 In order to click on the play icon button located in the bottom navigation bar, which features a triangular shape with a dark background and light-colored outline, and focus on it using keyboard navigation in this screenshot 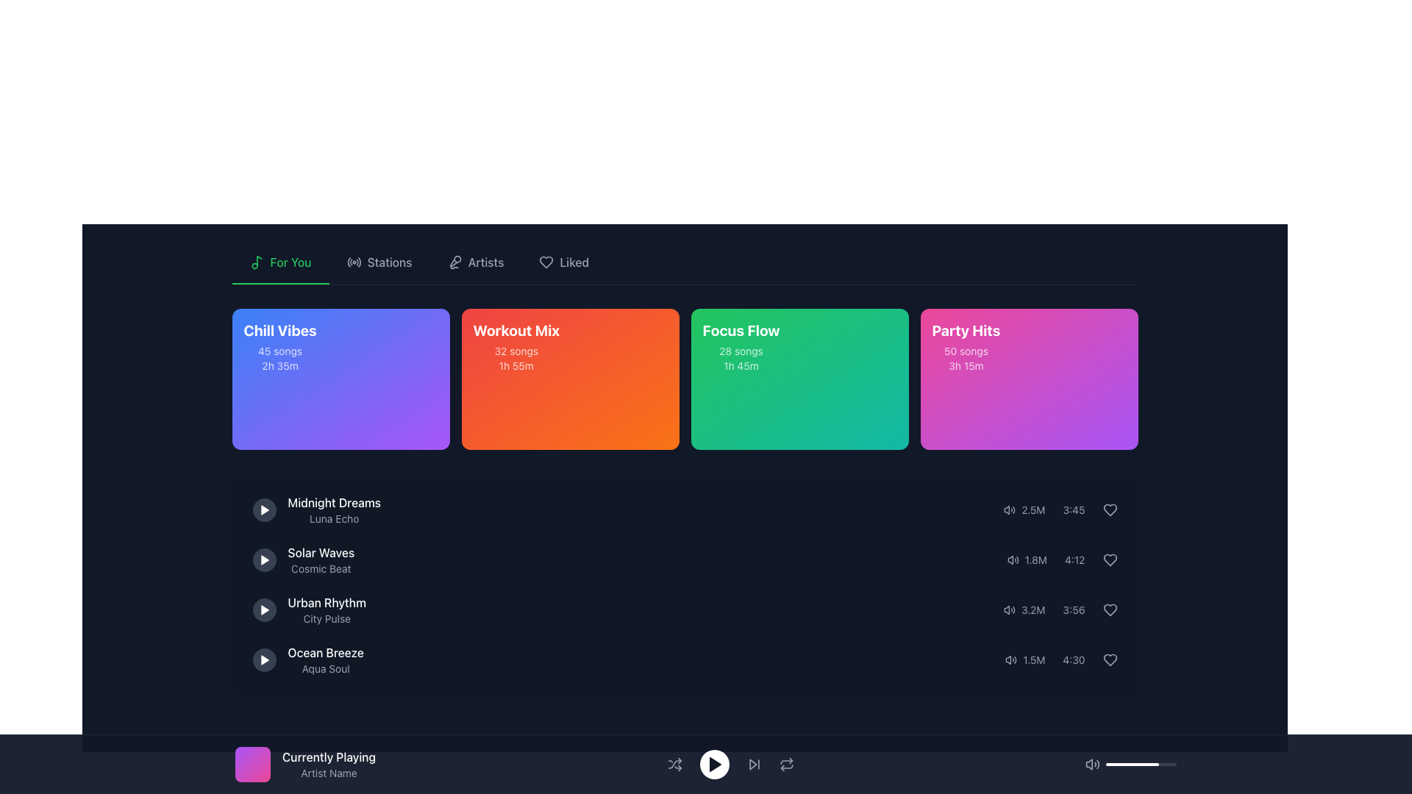, I will do `click(714, 764)`.